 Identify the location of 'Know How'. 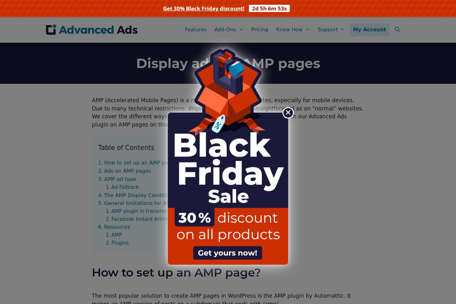
(289, 29).